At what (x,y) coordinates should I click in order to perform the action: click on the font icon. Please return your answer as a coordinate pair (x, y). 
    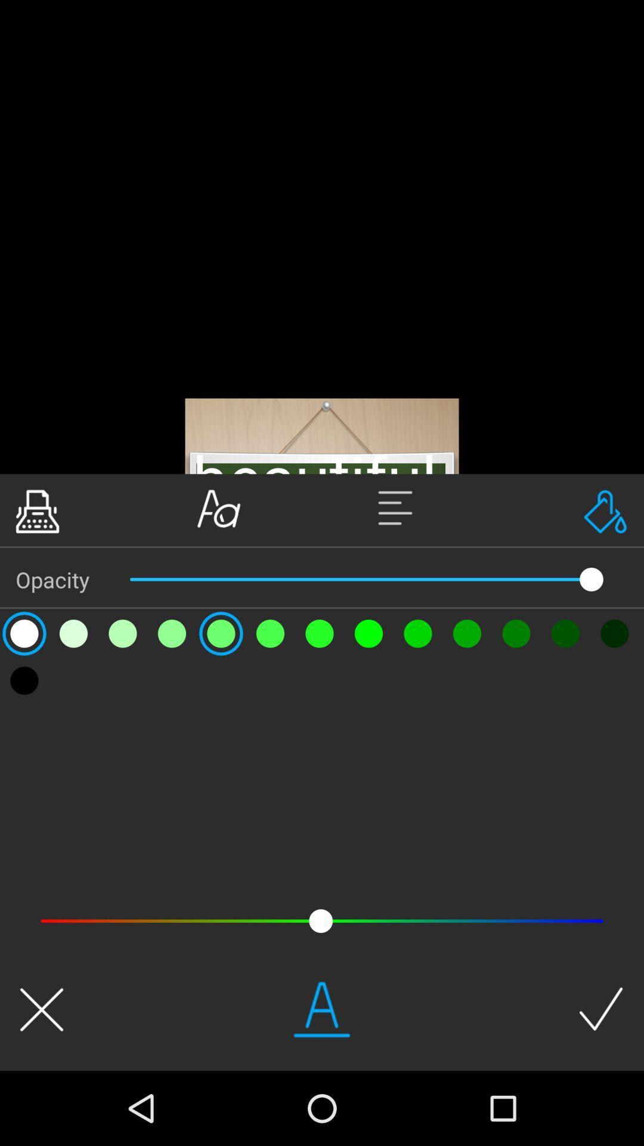
    Looking at the image, I should click on (219, 509).